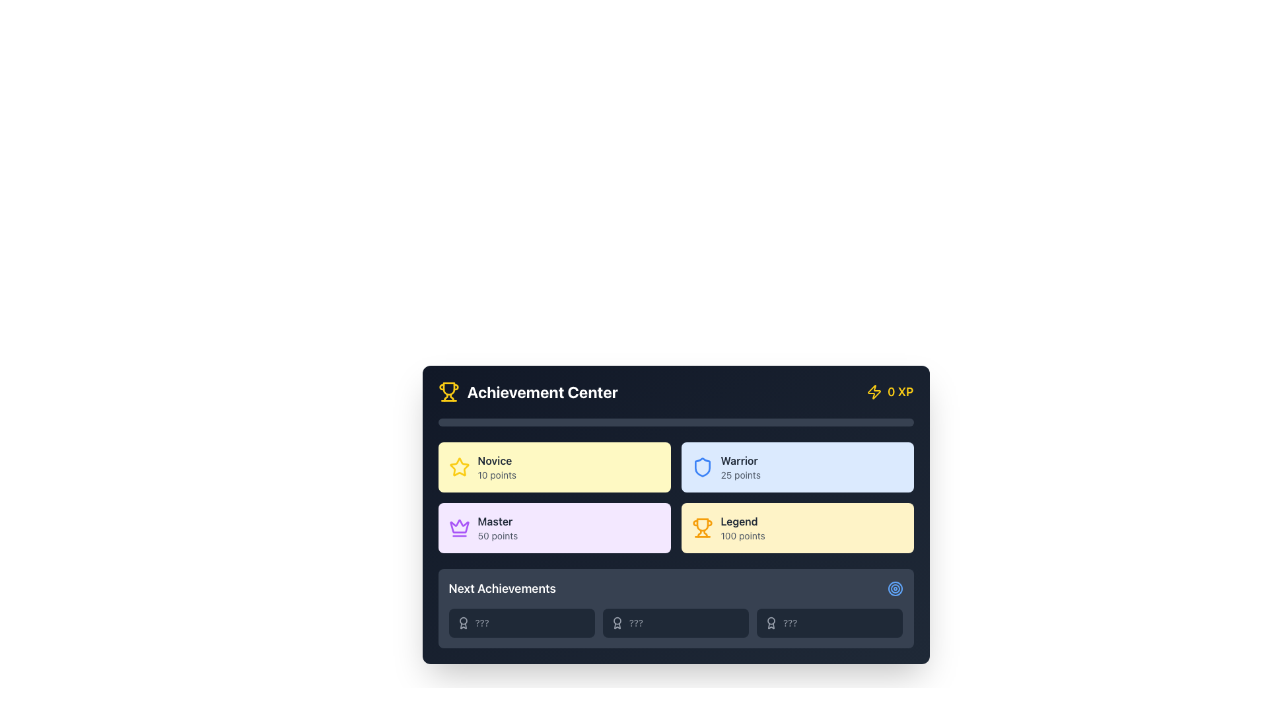 The image size is (1268, 713). I want to click on the decorative trophy icon located at the top left of the 'Achievement Center' title bar, which is styled with a modern, flat aesthetic and represents an award, so click(701, 524).